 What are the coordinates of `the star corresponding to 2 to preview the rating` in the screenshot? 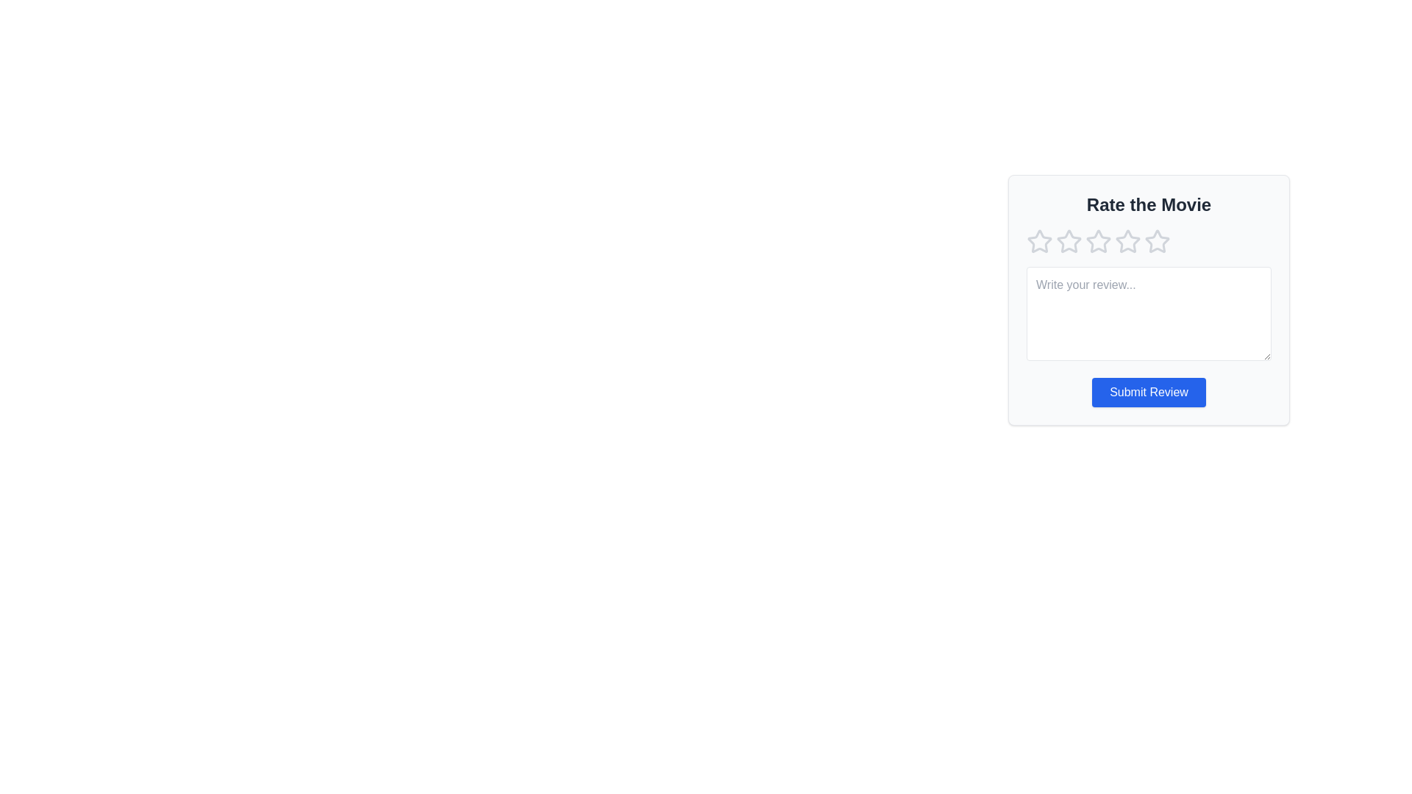 It's located at (1069, 240).